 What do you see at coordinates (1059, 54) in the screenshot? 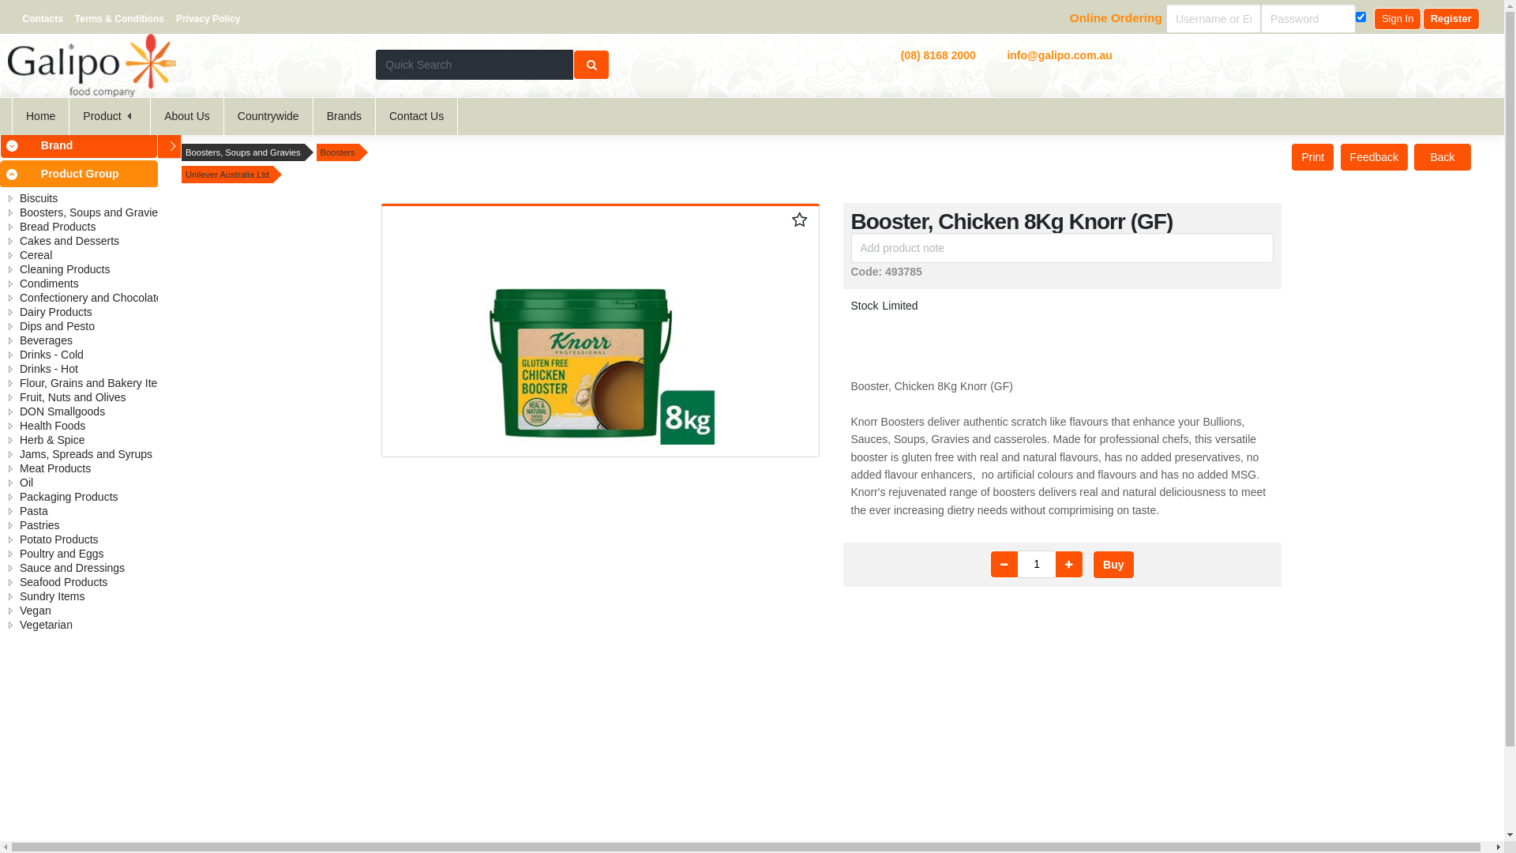
I see `'info@galipo.com.au'` at bounding box center [1059, 54].